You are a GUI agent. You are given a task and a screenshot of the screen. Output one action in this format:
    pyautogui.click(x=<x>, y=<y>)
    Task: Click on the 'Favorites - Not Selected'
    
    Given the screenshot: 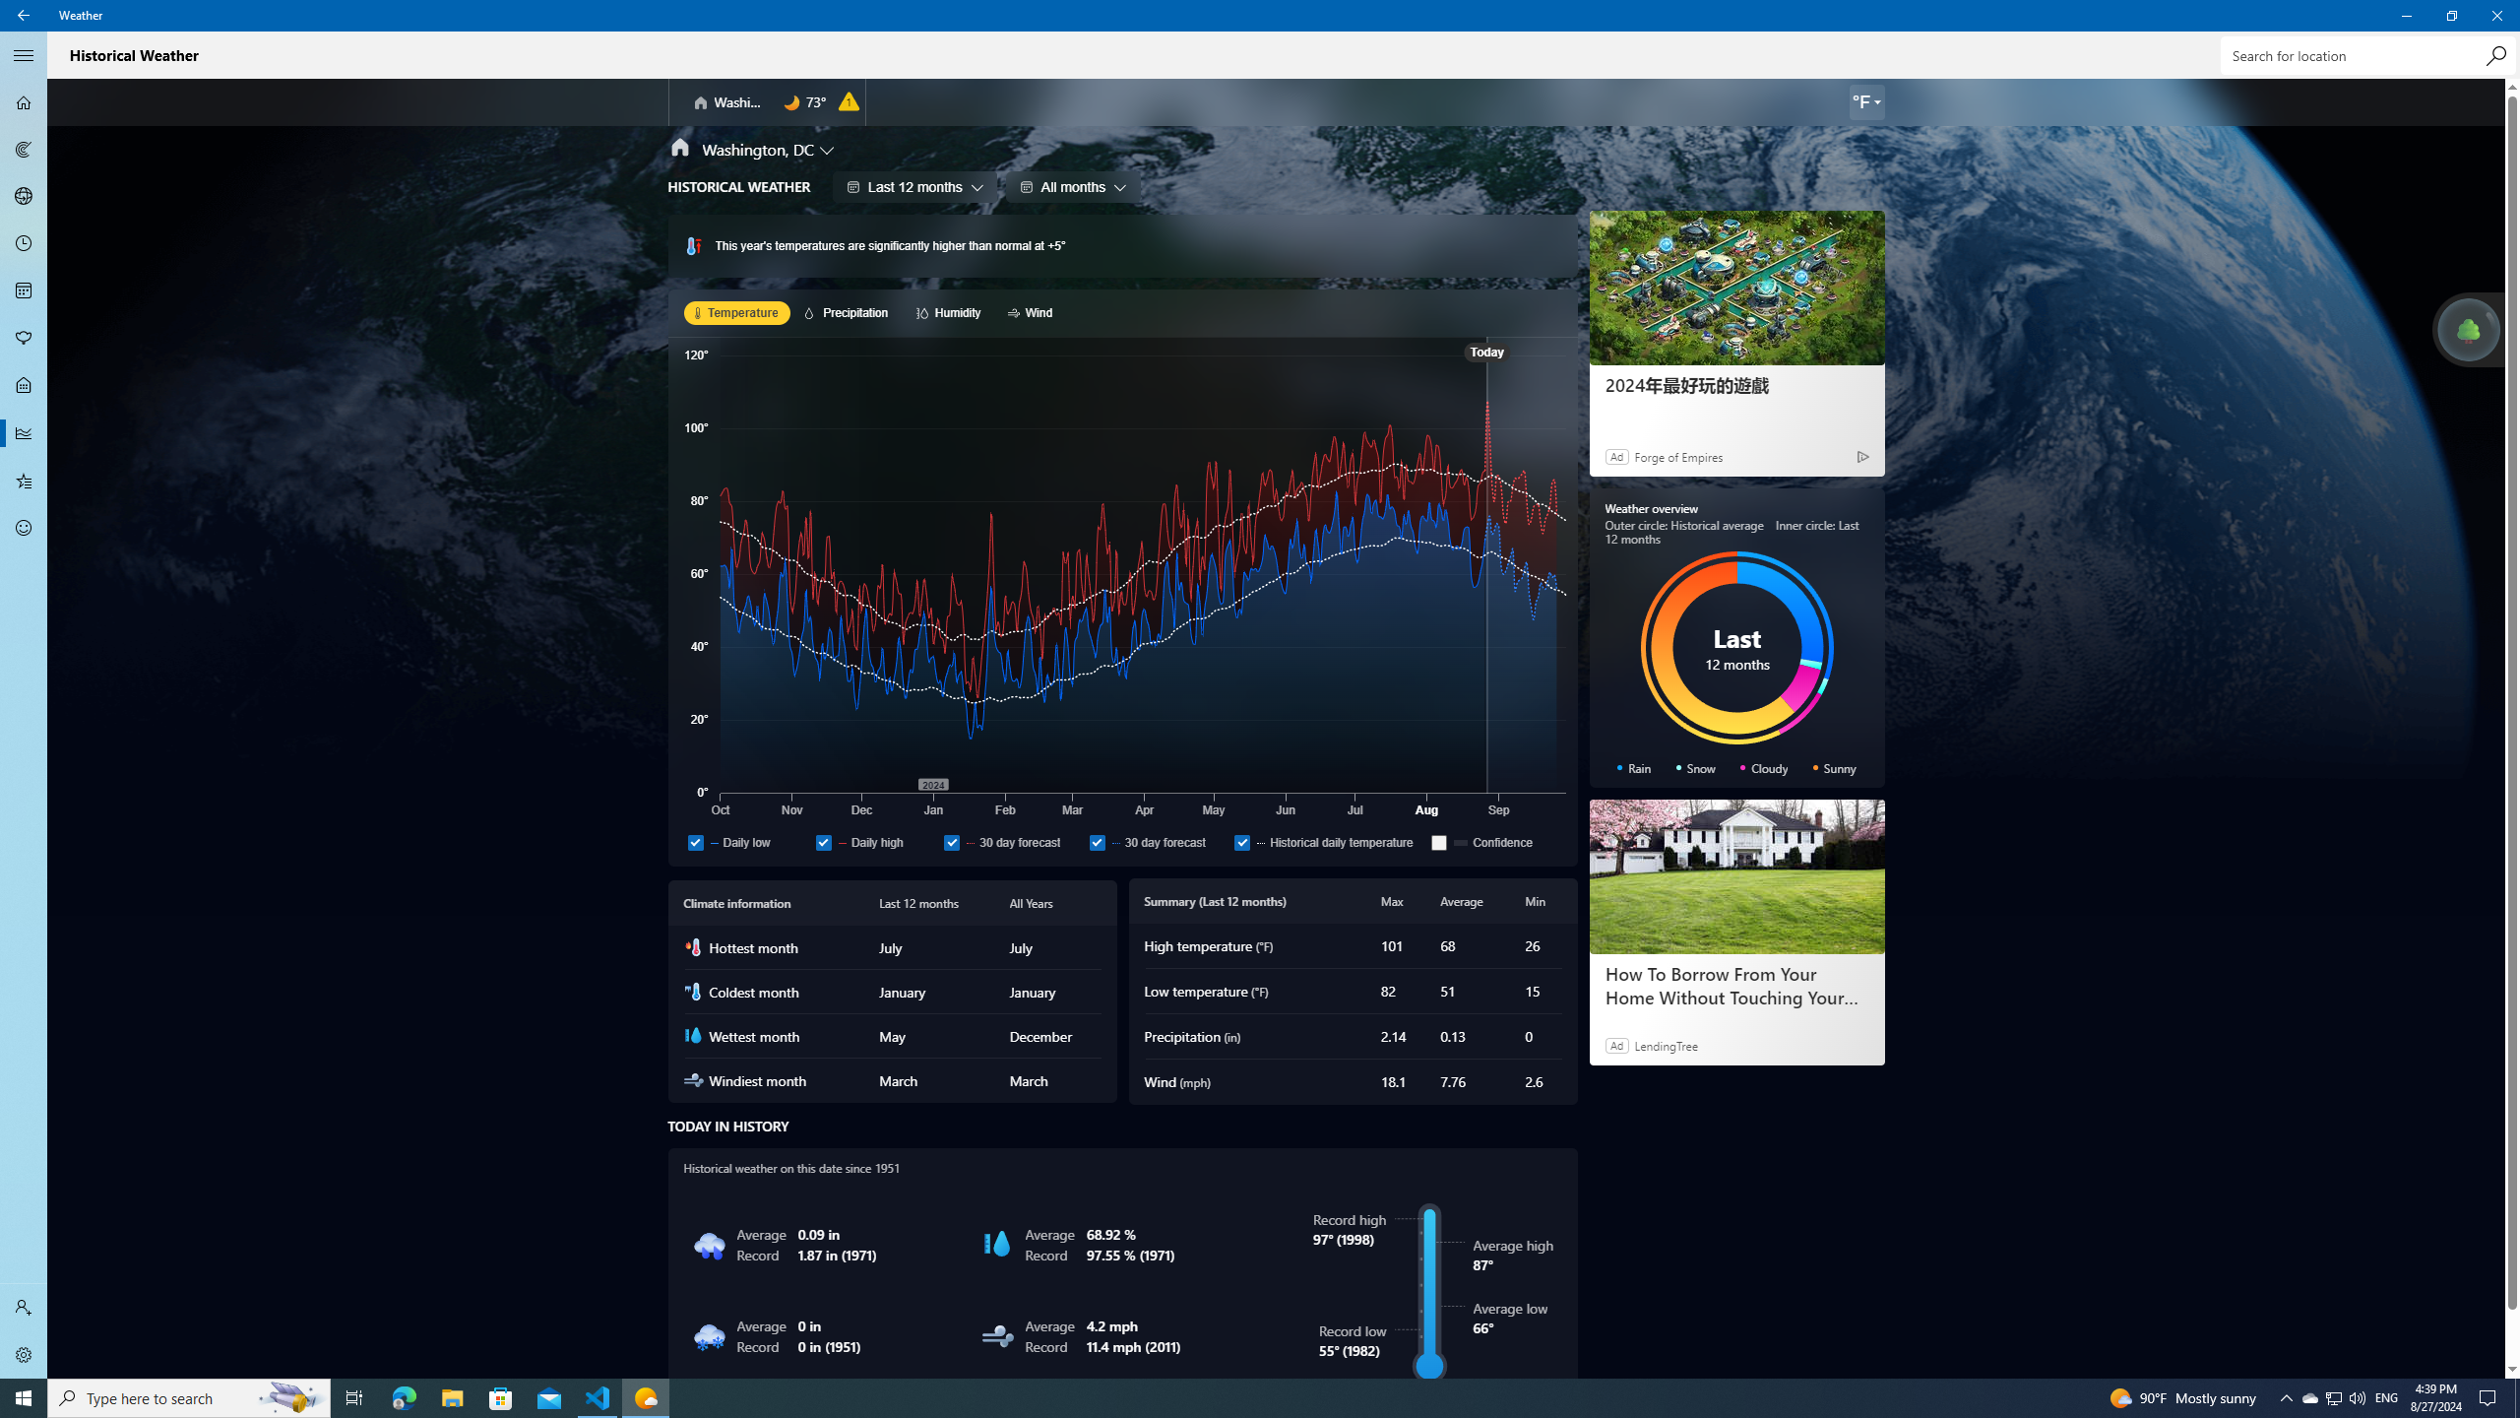 What is the action you would take?
    pyautogui.click(x=24, y=480)
    